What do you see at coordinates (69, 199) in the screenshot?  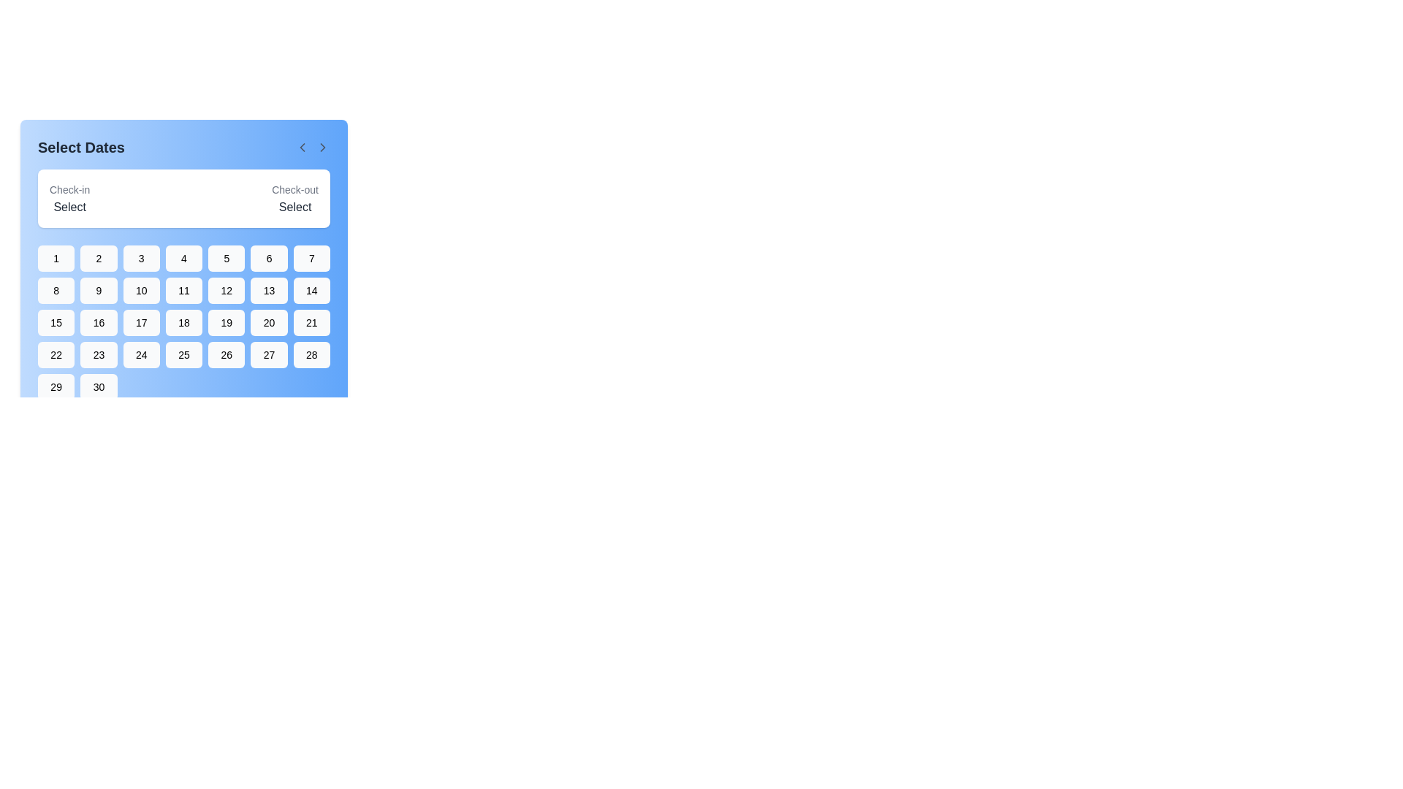 I see `the 'Check-in' Text label with interactive context, which displays 'Check-in' in a smaller gray font and 'Select' in a larger darker font, located above the calendar grid in the date selection interface` at bounding box center [69, 199].